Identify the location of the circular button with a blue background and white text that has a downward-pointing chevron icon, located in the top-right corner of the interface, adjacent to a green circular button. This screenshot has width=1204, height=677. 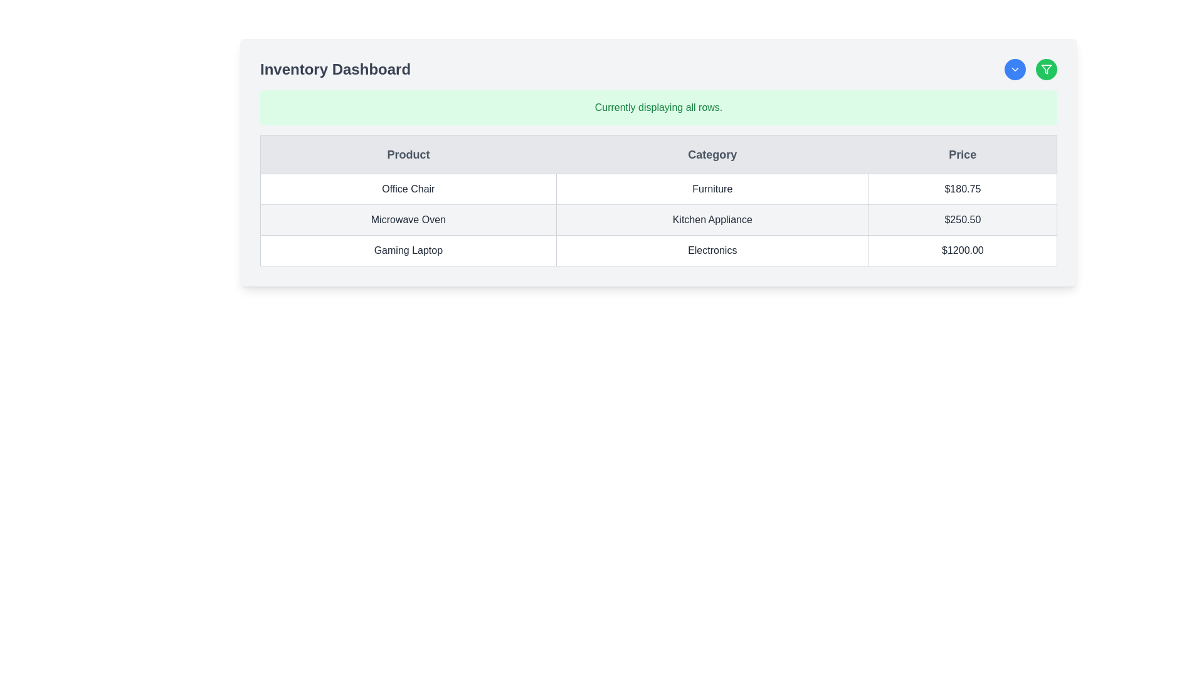
(1015, 70).